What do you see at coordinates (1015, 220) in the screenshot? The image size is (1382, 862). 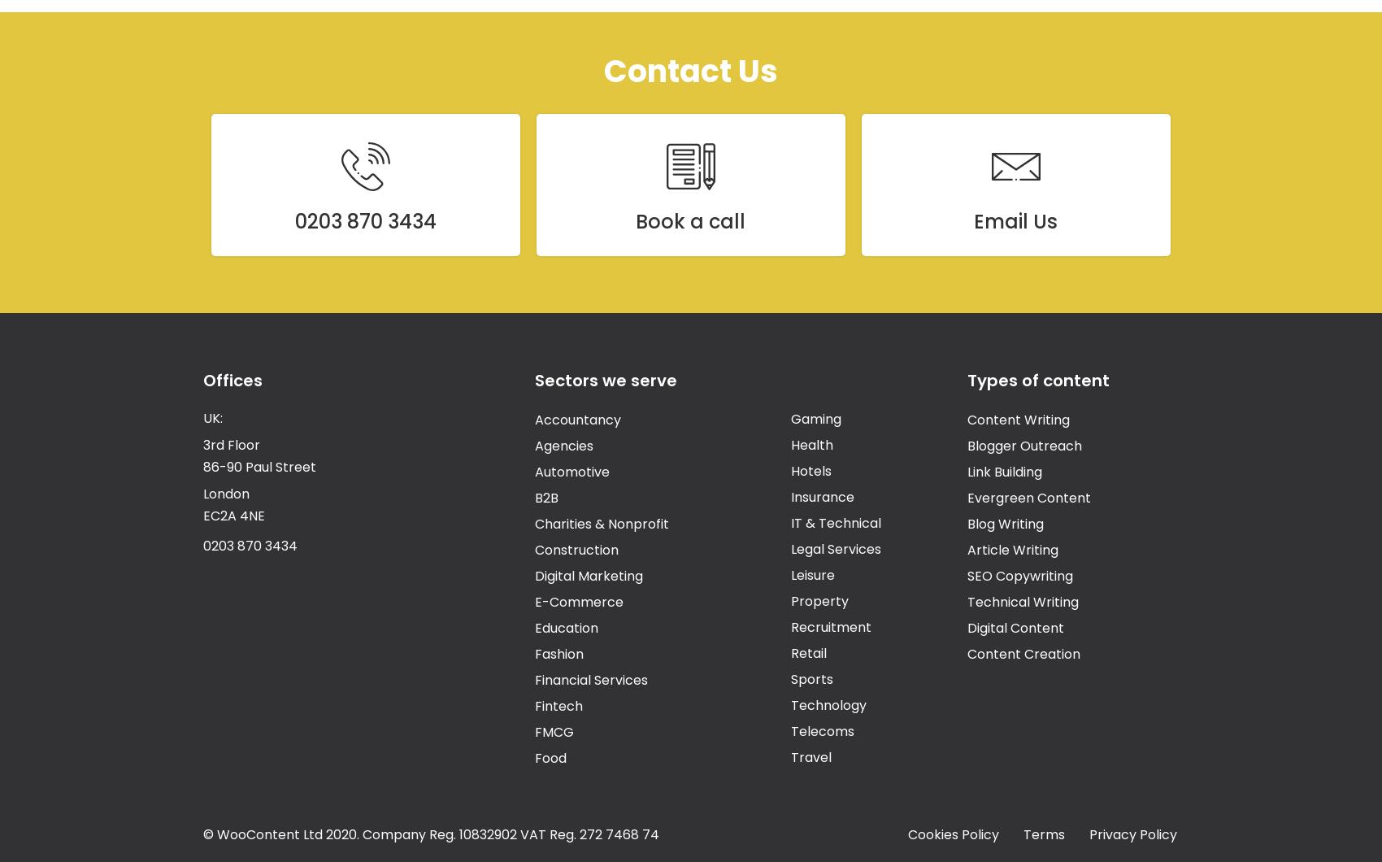 I see `'Email Us'` at bounding box center [1015, 220].